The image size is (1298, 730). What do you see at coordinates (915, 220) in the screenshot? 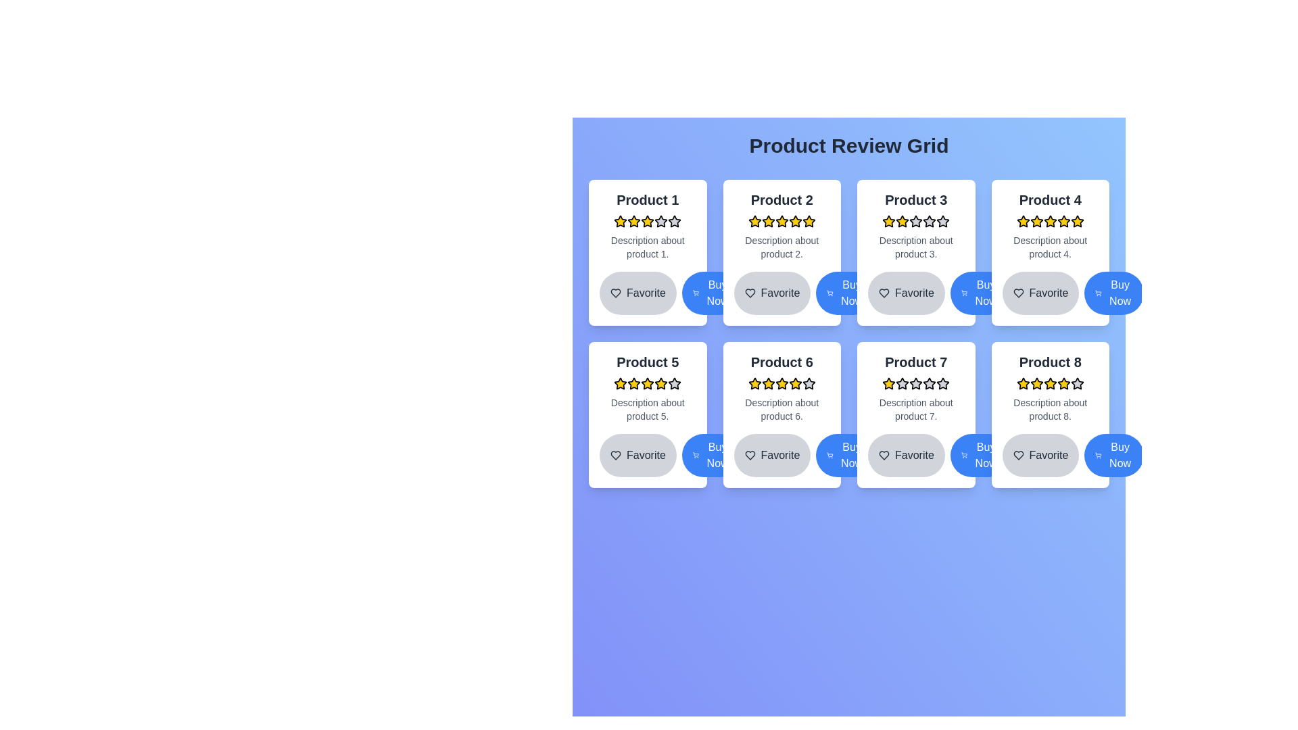
I see `the third star icon in the rating section of Product 3` at bounding box center [915, 220].